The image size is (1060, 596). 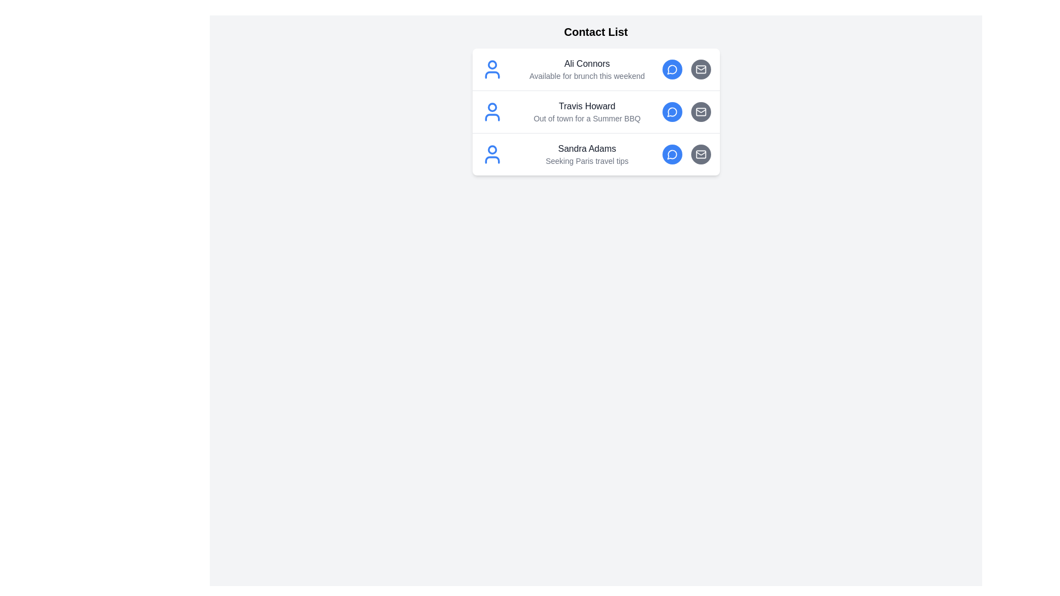 What do you see at coordinates (595, 31) in the screenshot?
I see `text label indicating 'Contact List', which serves as the heading for the content section above the list of contact cards` at bounding box center [595, 31].